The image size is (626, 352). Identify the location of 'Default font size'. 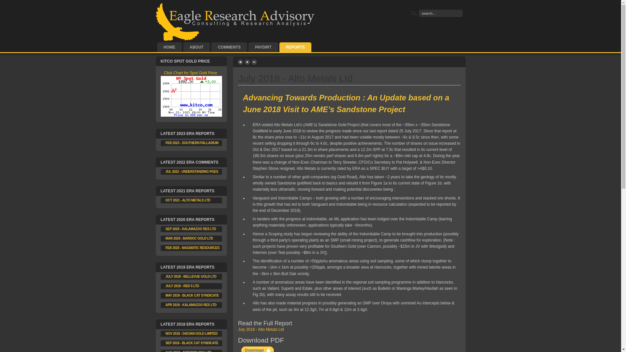
(247, 62).